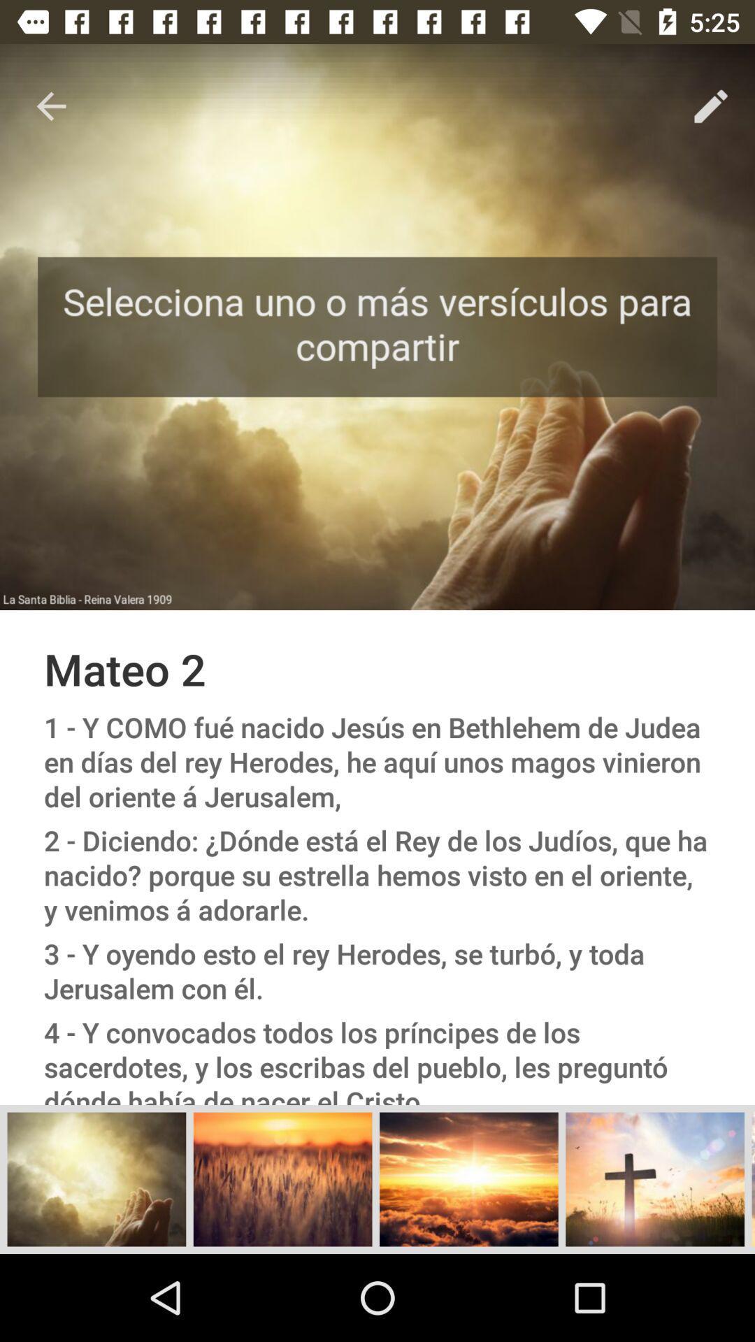 This screenshot has height=1342, width=755. What do you see at coordinates (377, 668) in the screenshot?
I see `the mateo 2 icon` at bounding box center [377, 668].